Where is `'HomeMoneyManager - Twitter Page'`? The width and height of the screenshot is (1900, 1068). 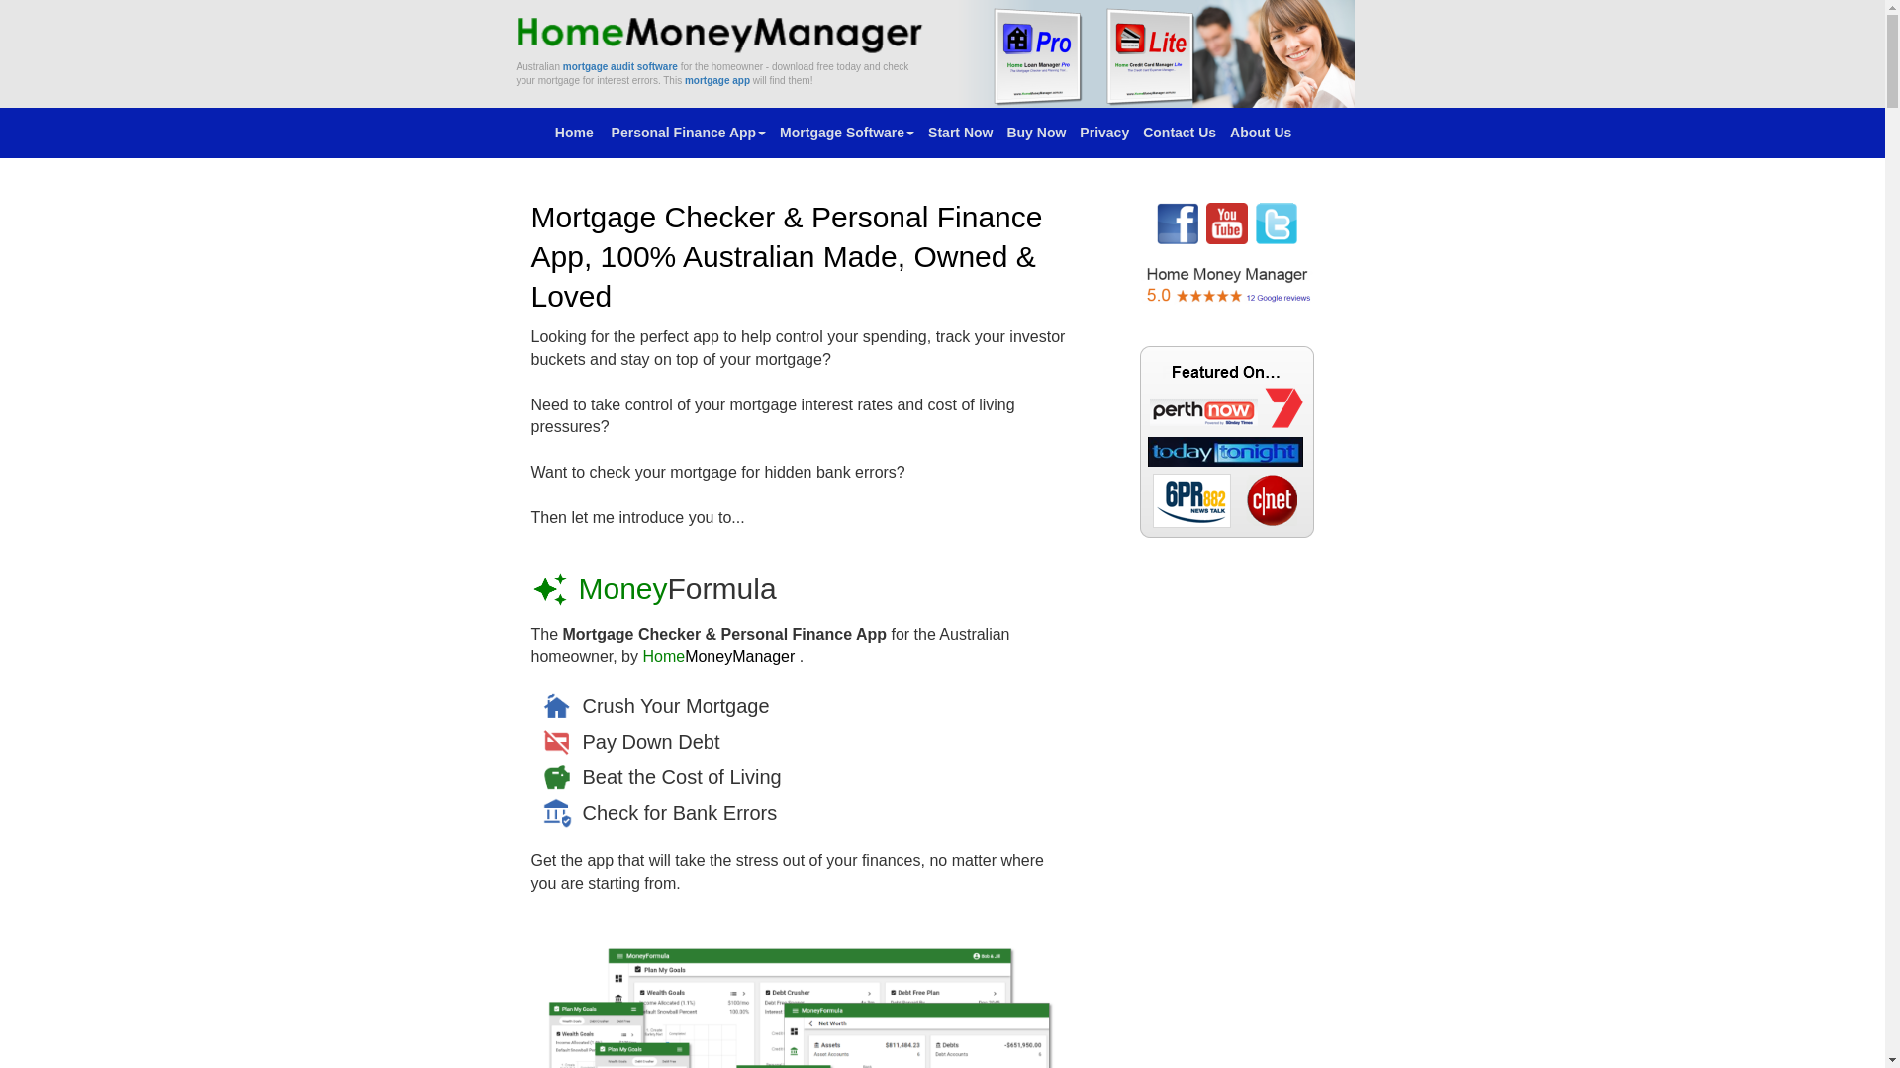
'HomeMoneyManager - Twitter Page' is located at coordinates (1254, 222).